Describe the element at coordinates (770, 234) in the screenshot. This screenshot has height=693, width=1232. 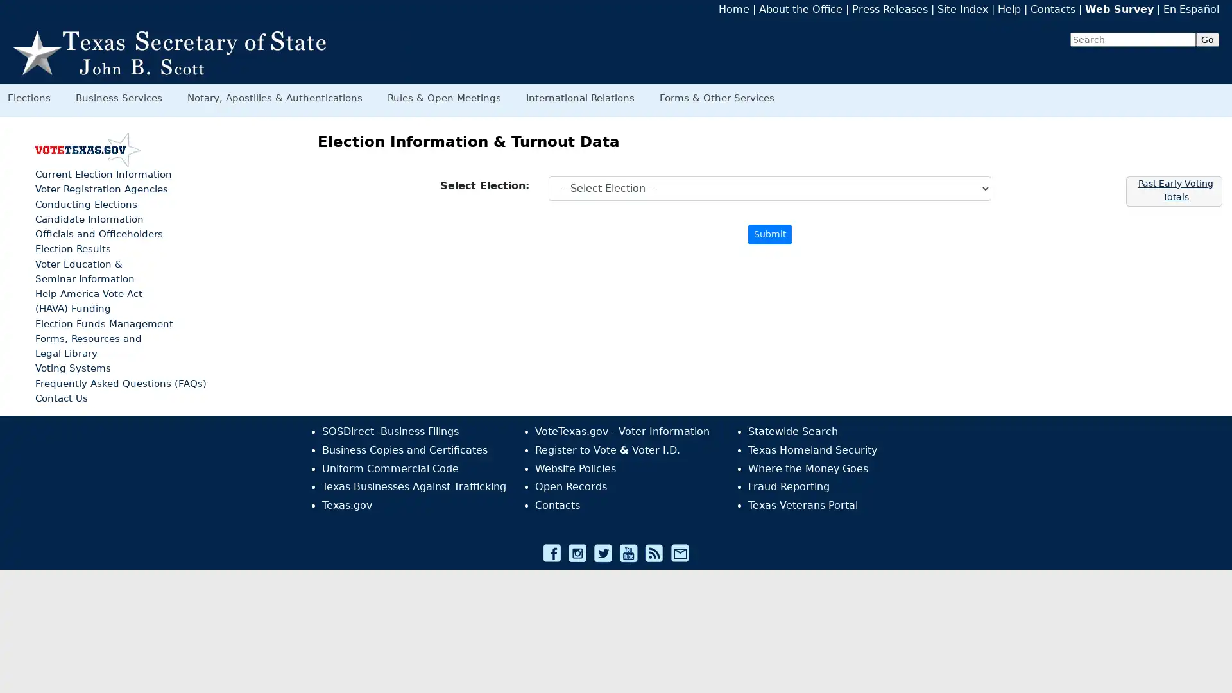
I see `Submit` at that location.